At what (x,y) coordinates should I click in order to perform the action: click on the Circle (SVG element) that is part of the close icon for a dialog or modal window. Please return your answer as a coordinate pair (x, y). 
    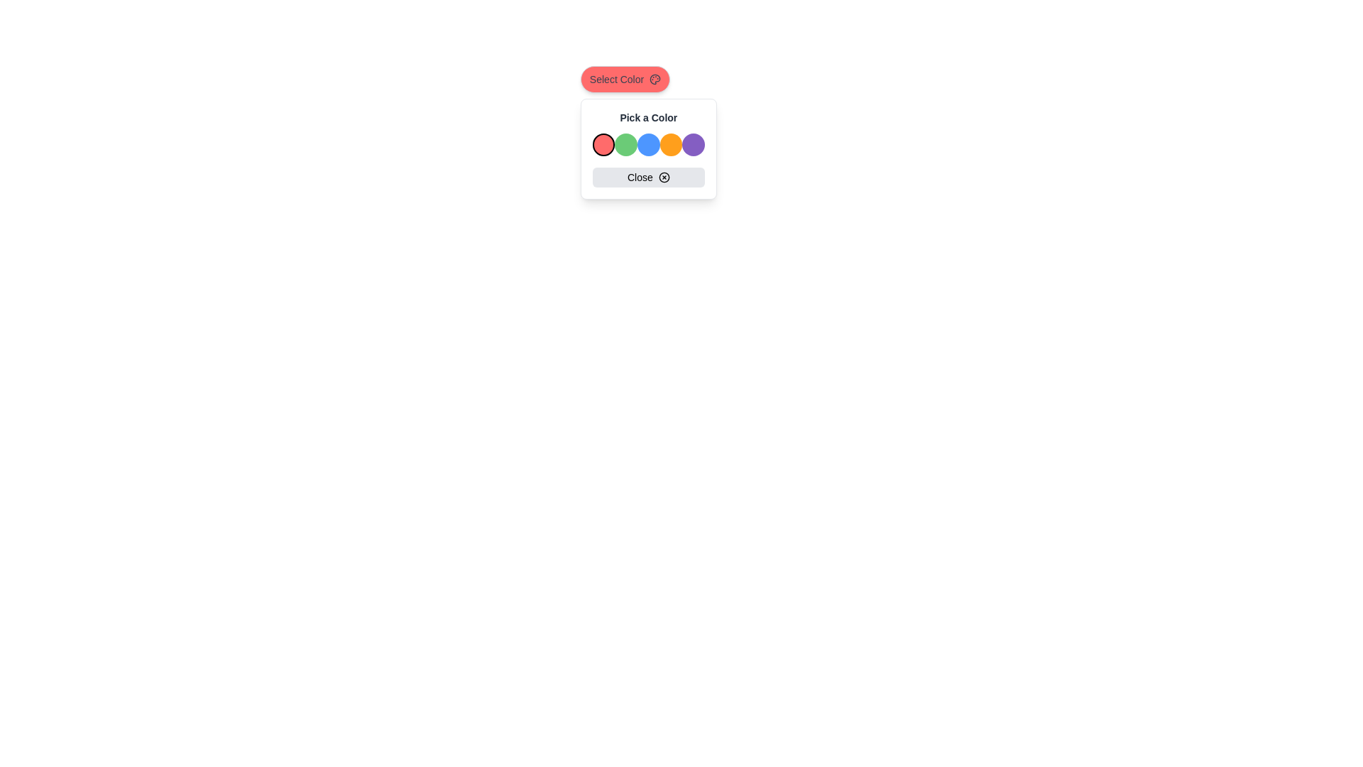
    Looking at the image, I should click on (663, 177).